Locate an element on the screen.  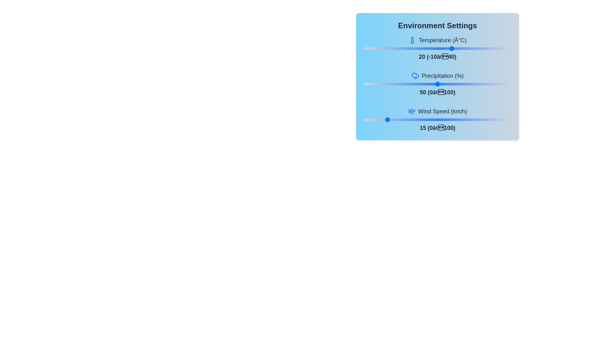
the precipitation level is located at coordinates (479, 84).